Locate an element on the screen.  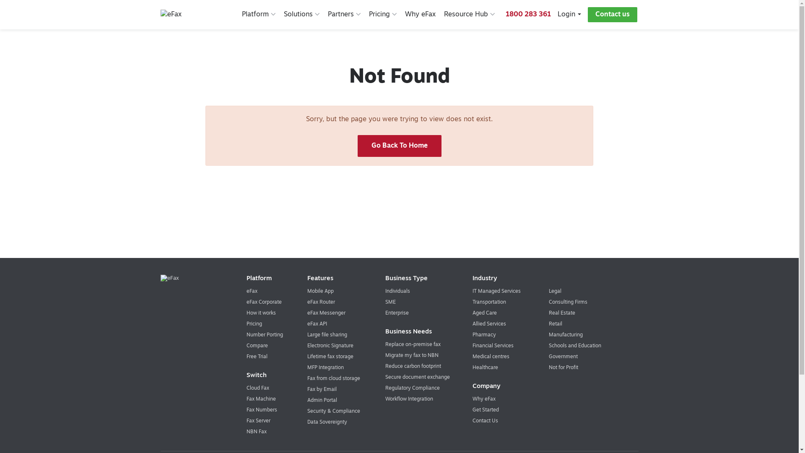
'NBN Fax' is located at coordinates (256, 432).